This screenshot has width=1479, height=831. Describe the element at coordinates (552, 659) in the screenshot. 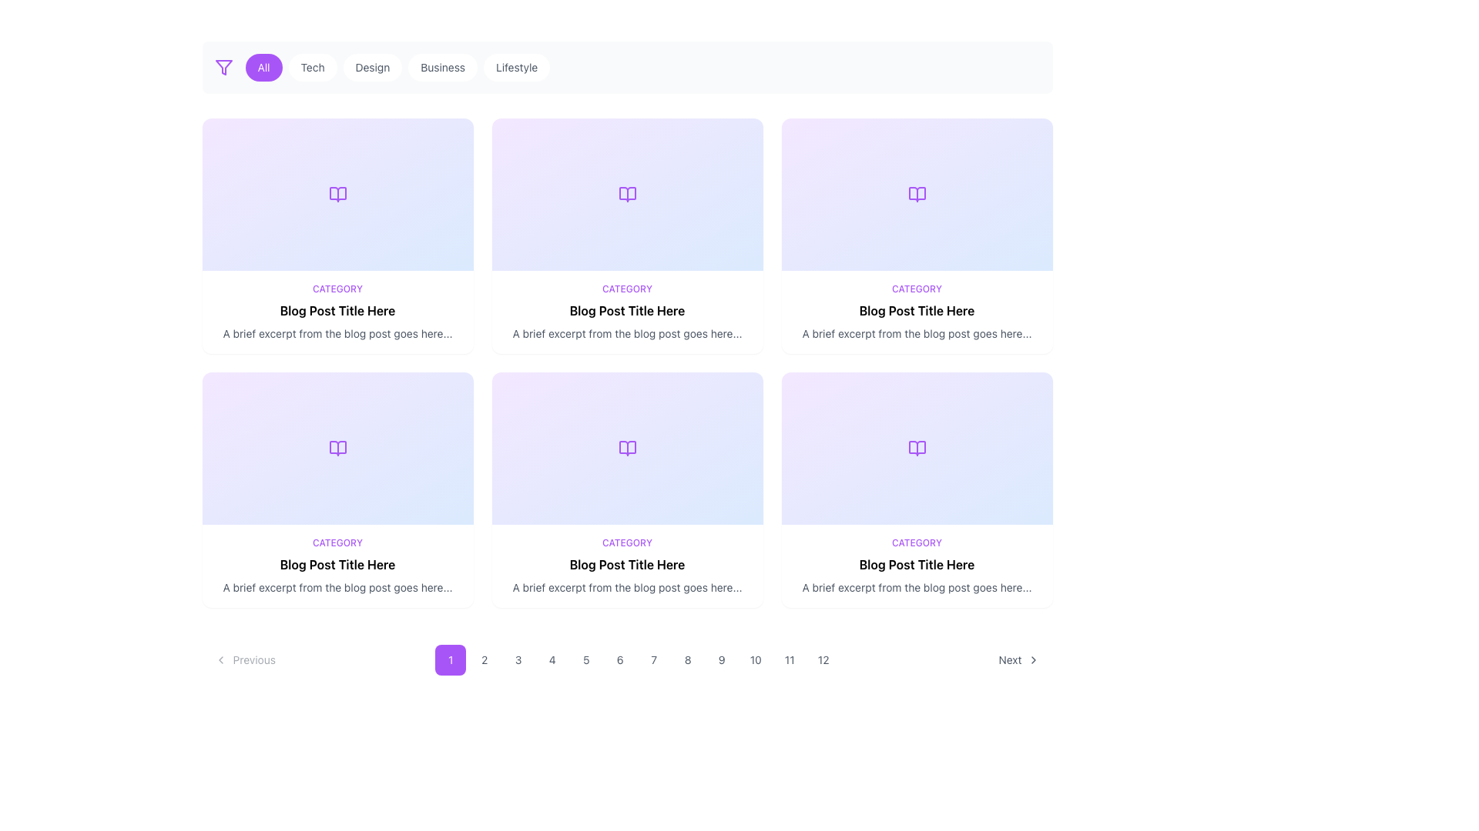

I see `the circular button displaying the number '4'` at that location.